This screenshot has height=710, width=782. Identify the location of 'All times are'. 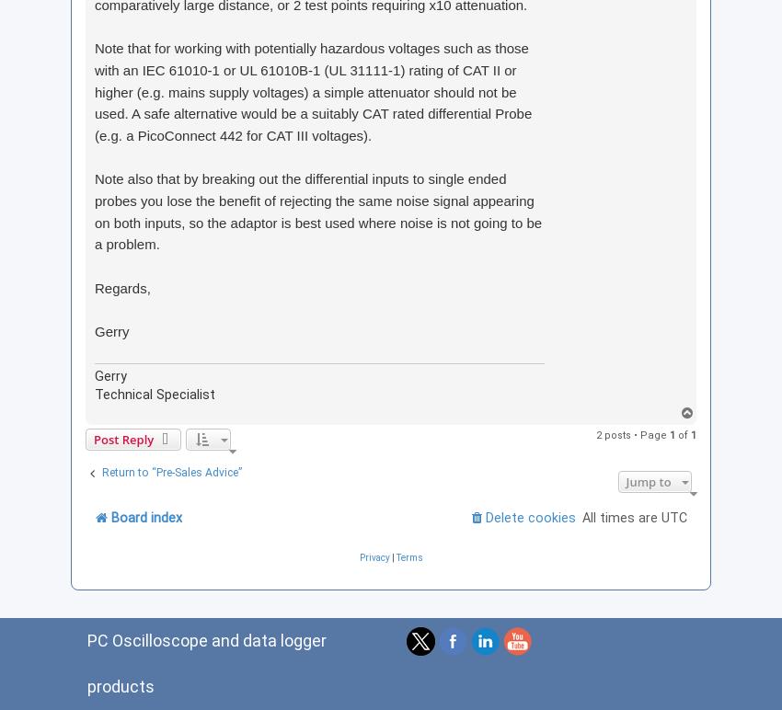
(622, 516).